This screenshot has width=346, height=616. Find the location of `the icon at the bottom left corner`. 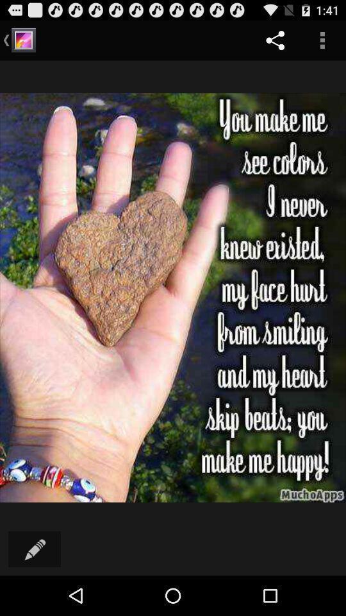

the icon at the bottom left corner is located at coordinates (35, 549).